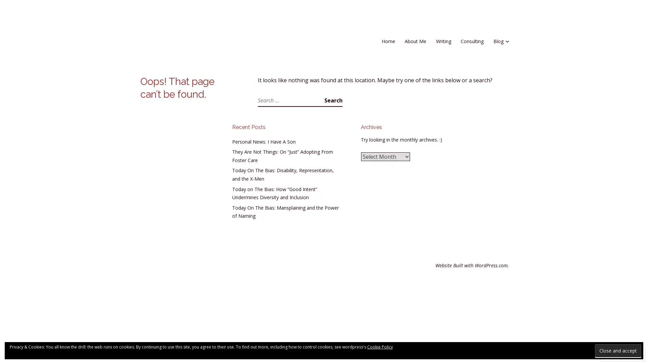 The height and width of the screenshot is (364, 648). Describe the element at coordinates (333, 100) in the screenshot. I see `Search` at that location.